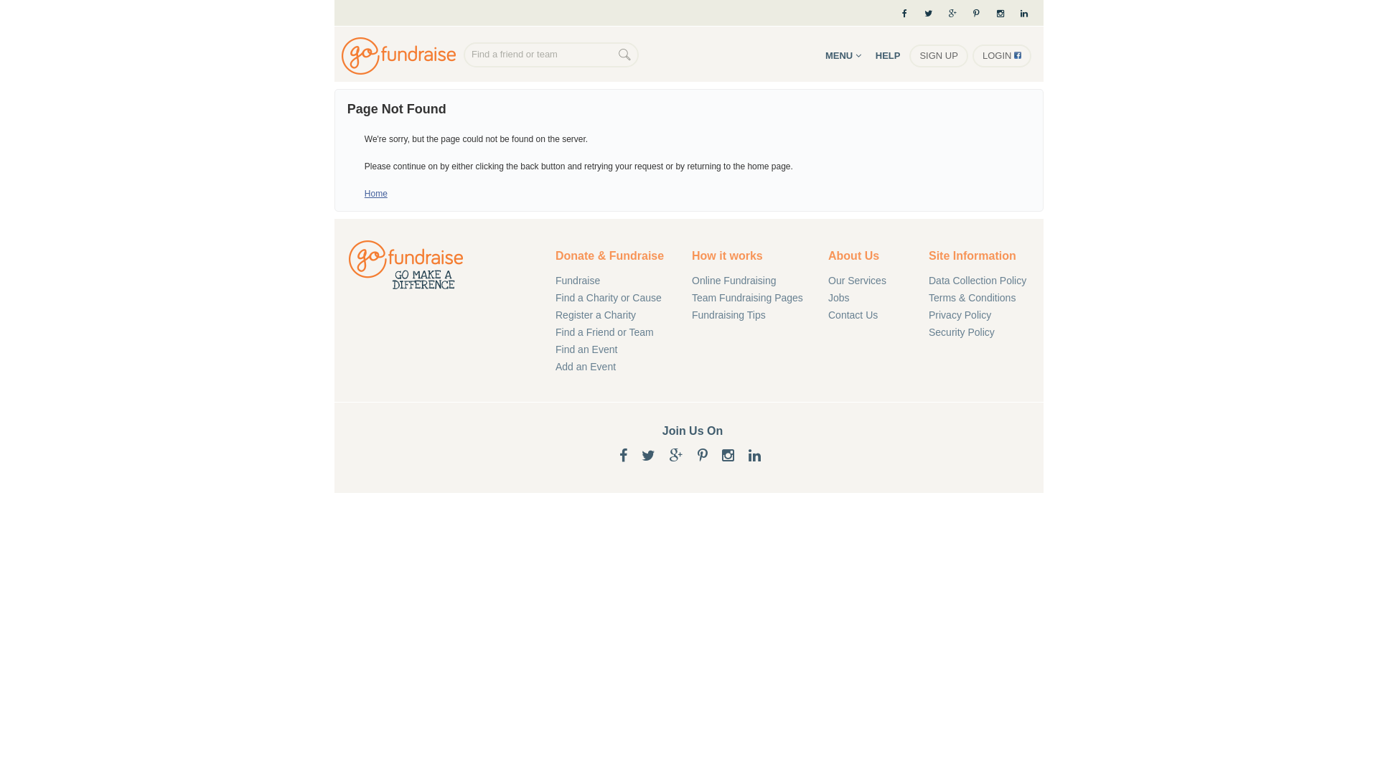 The image size is (1378, 775). What do you see at coordinates (867, 314) in the screenshot?
I see `'Contact Us'` at bounding box center [867, 314].